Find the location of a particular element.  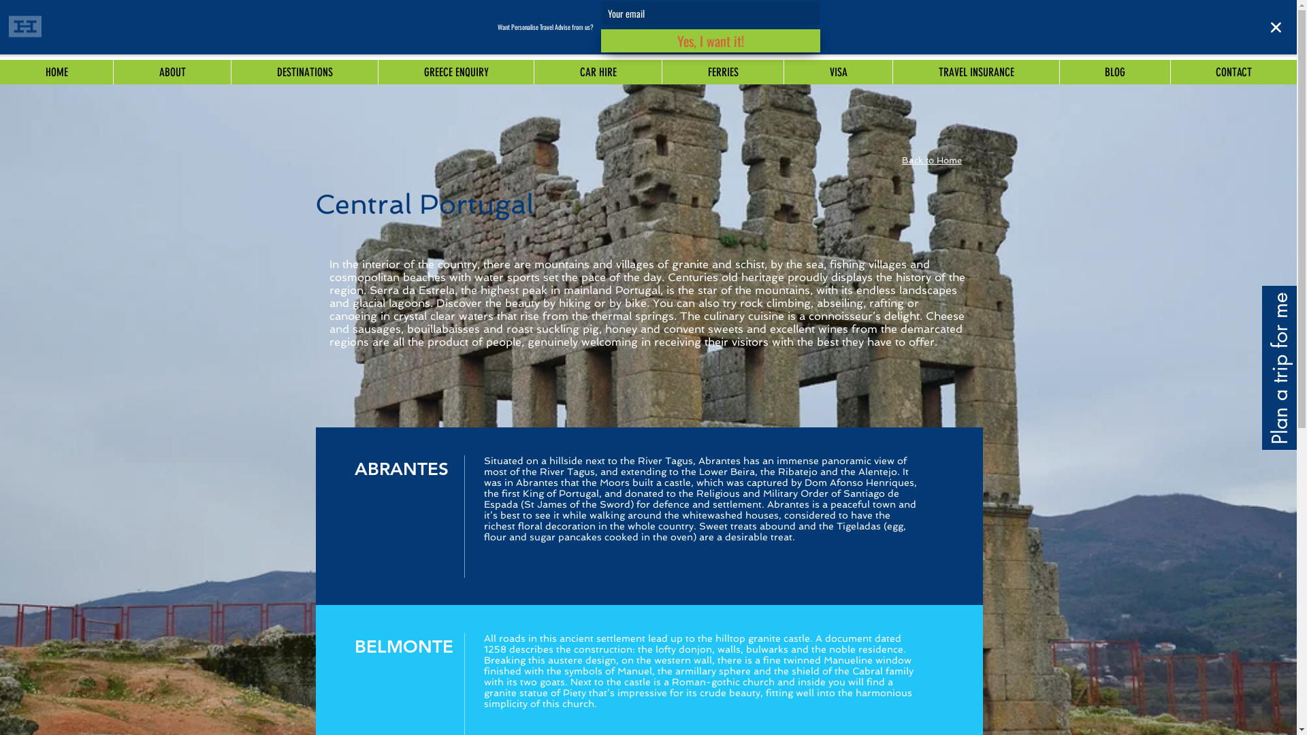

'DESTINATIONS' is located at coordinates (231, 71).